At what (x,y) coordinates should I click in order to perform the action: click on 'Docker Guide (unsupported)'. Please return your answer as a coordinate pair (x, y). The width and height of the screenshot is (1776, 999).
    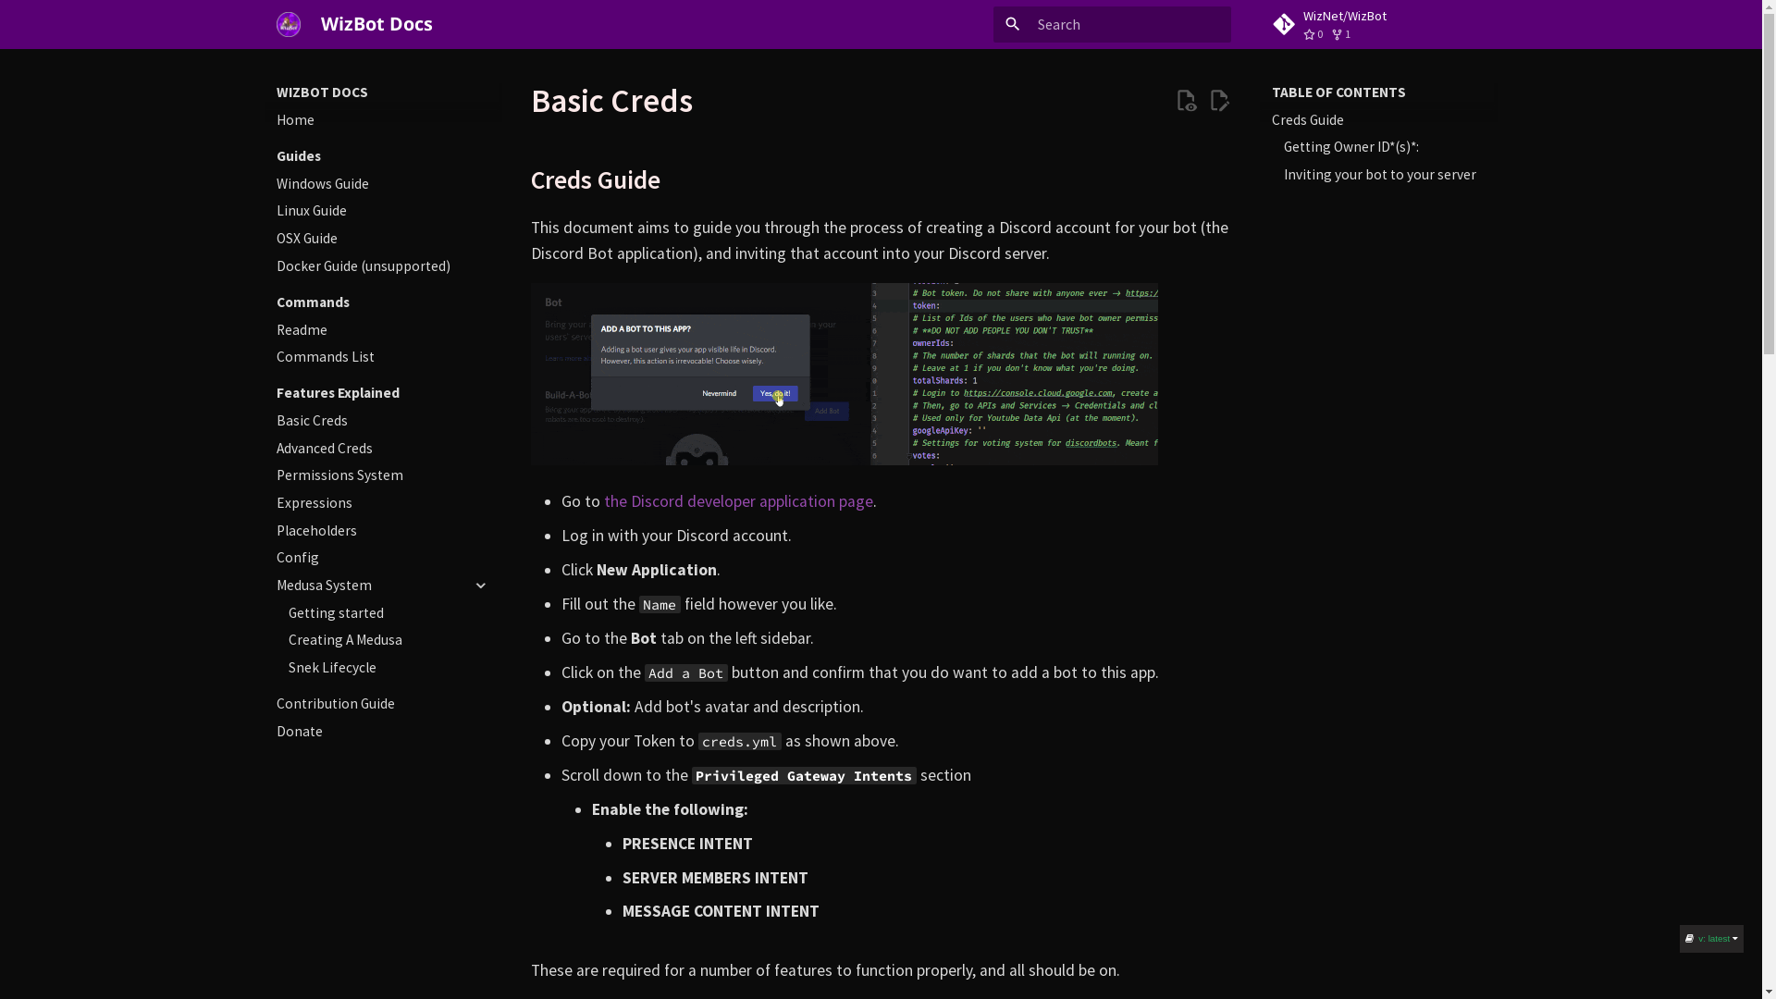
    Looking at the image, I should click on (382, 266).